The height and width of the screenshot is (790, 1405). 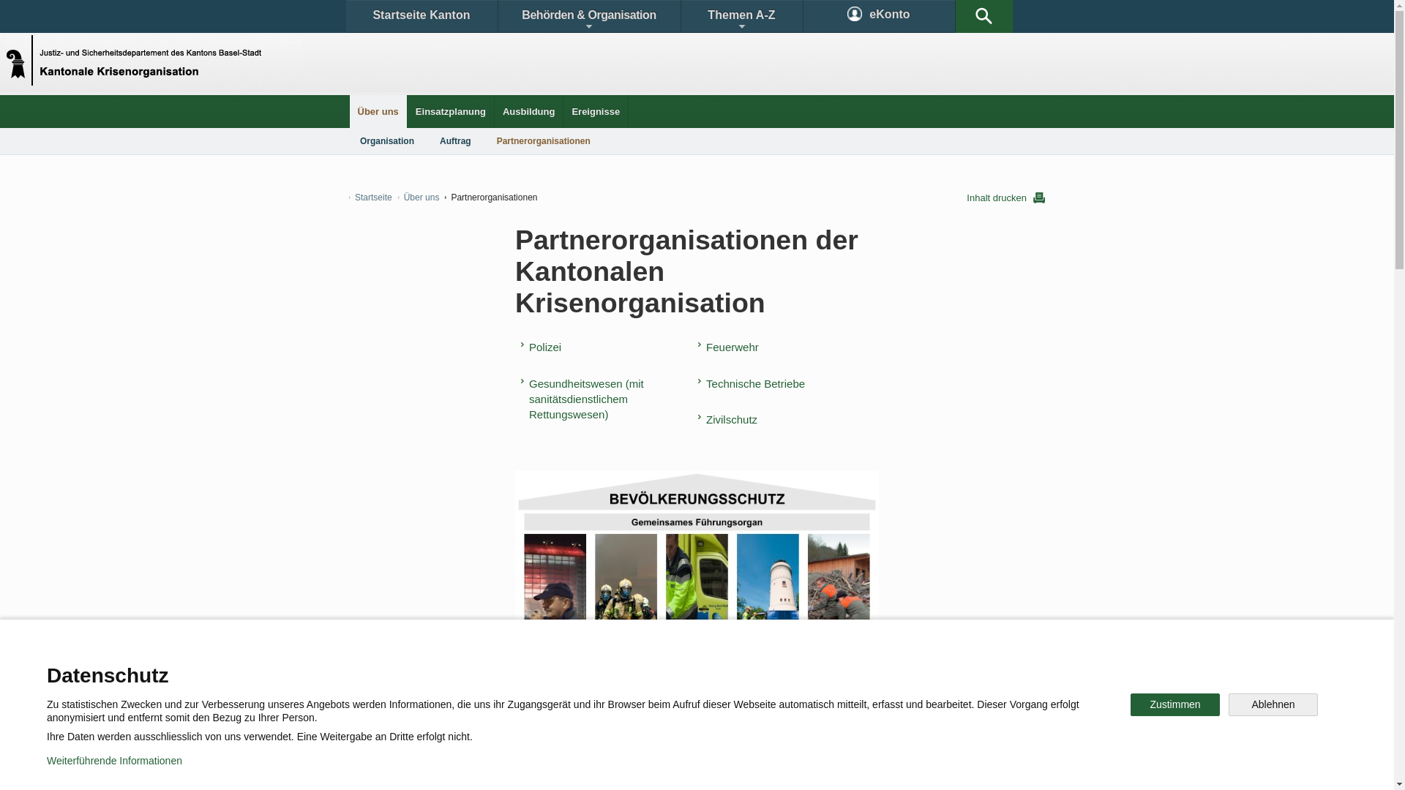 What do you see at coordinates (528, 110) in the screenshot?
I see `'Ausbildung'` at bounding box center [528, 110].